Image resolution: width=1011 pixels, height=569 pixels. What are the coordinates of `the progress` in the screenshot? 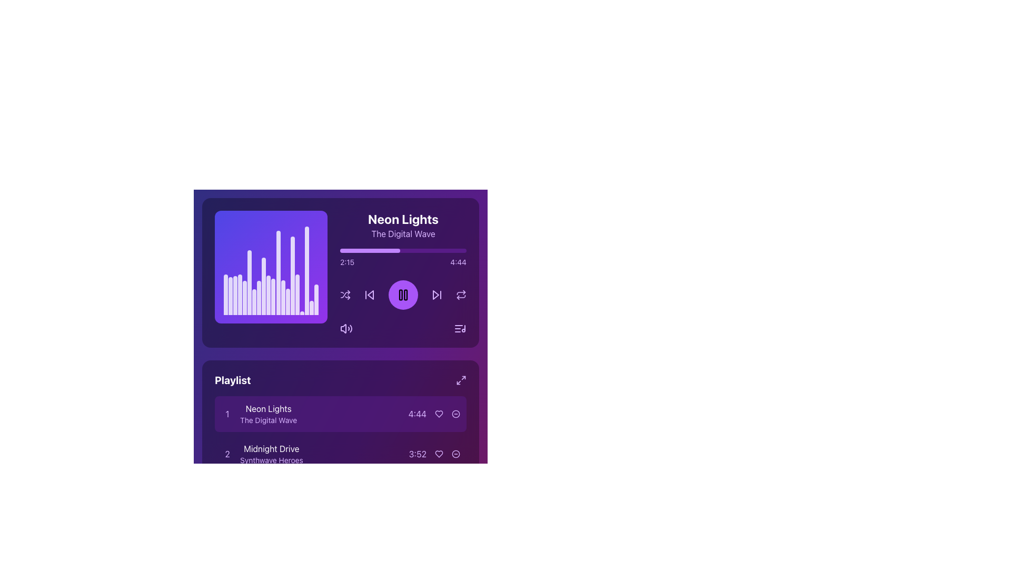 It's located at (403, 250).